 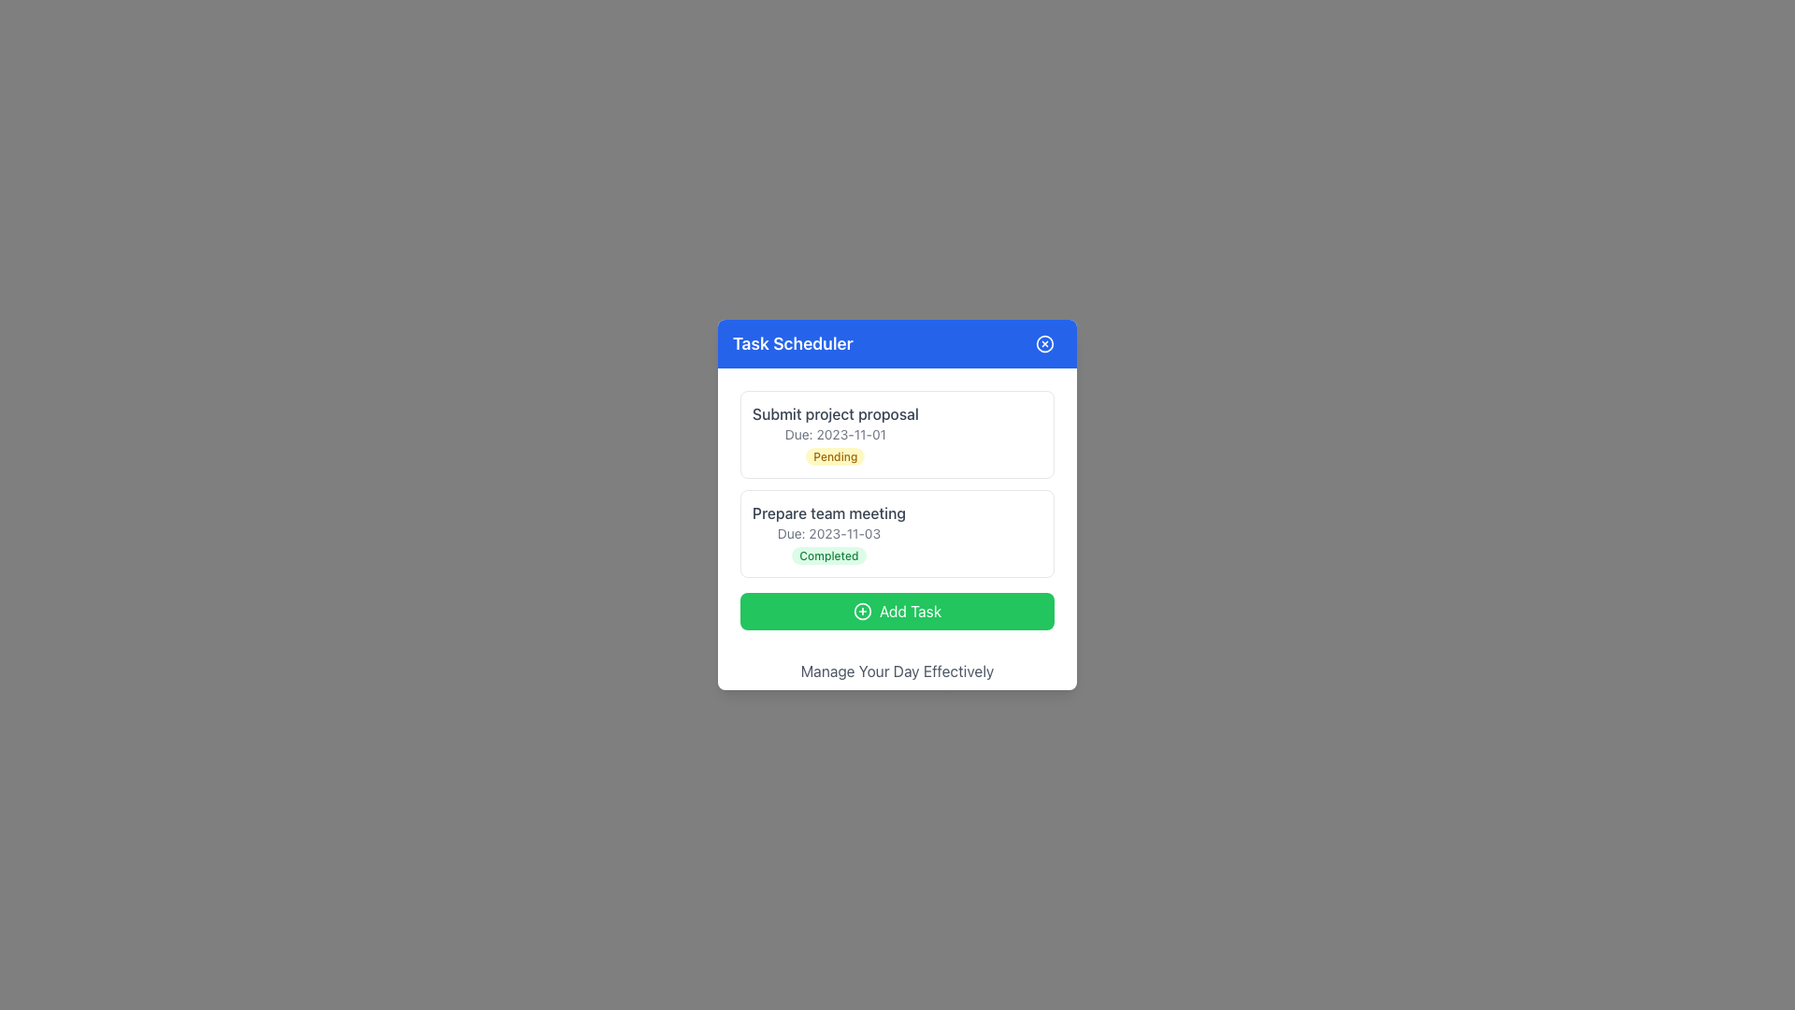 I want to click on the label indicating the due date for the associated task, located below the 'Prepare team meeting' text and above the 'Completed' badge, so click(x=828, y=533).